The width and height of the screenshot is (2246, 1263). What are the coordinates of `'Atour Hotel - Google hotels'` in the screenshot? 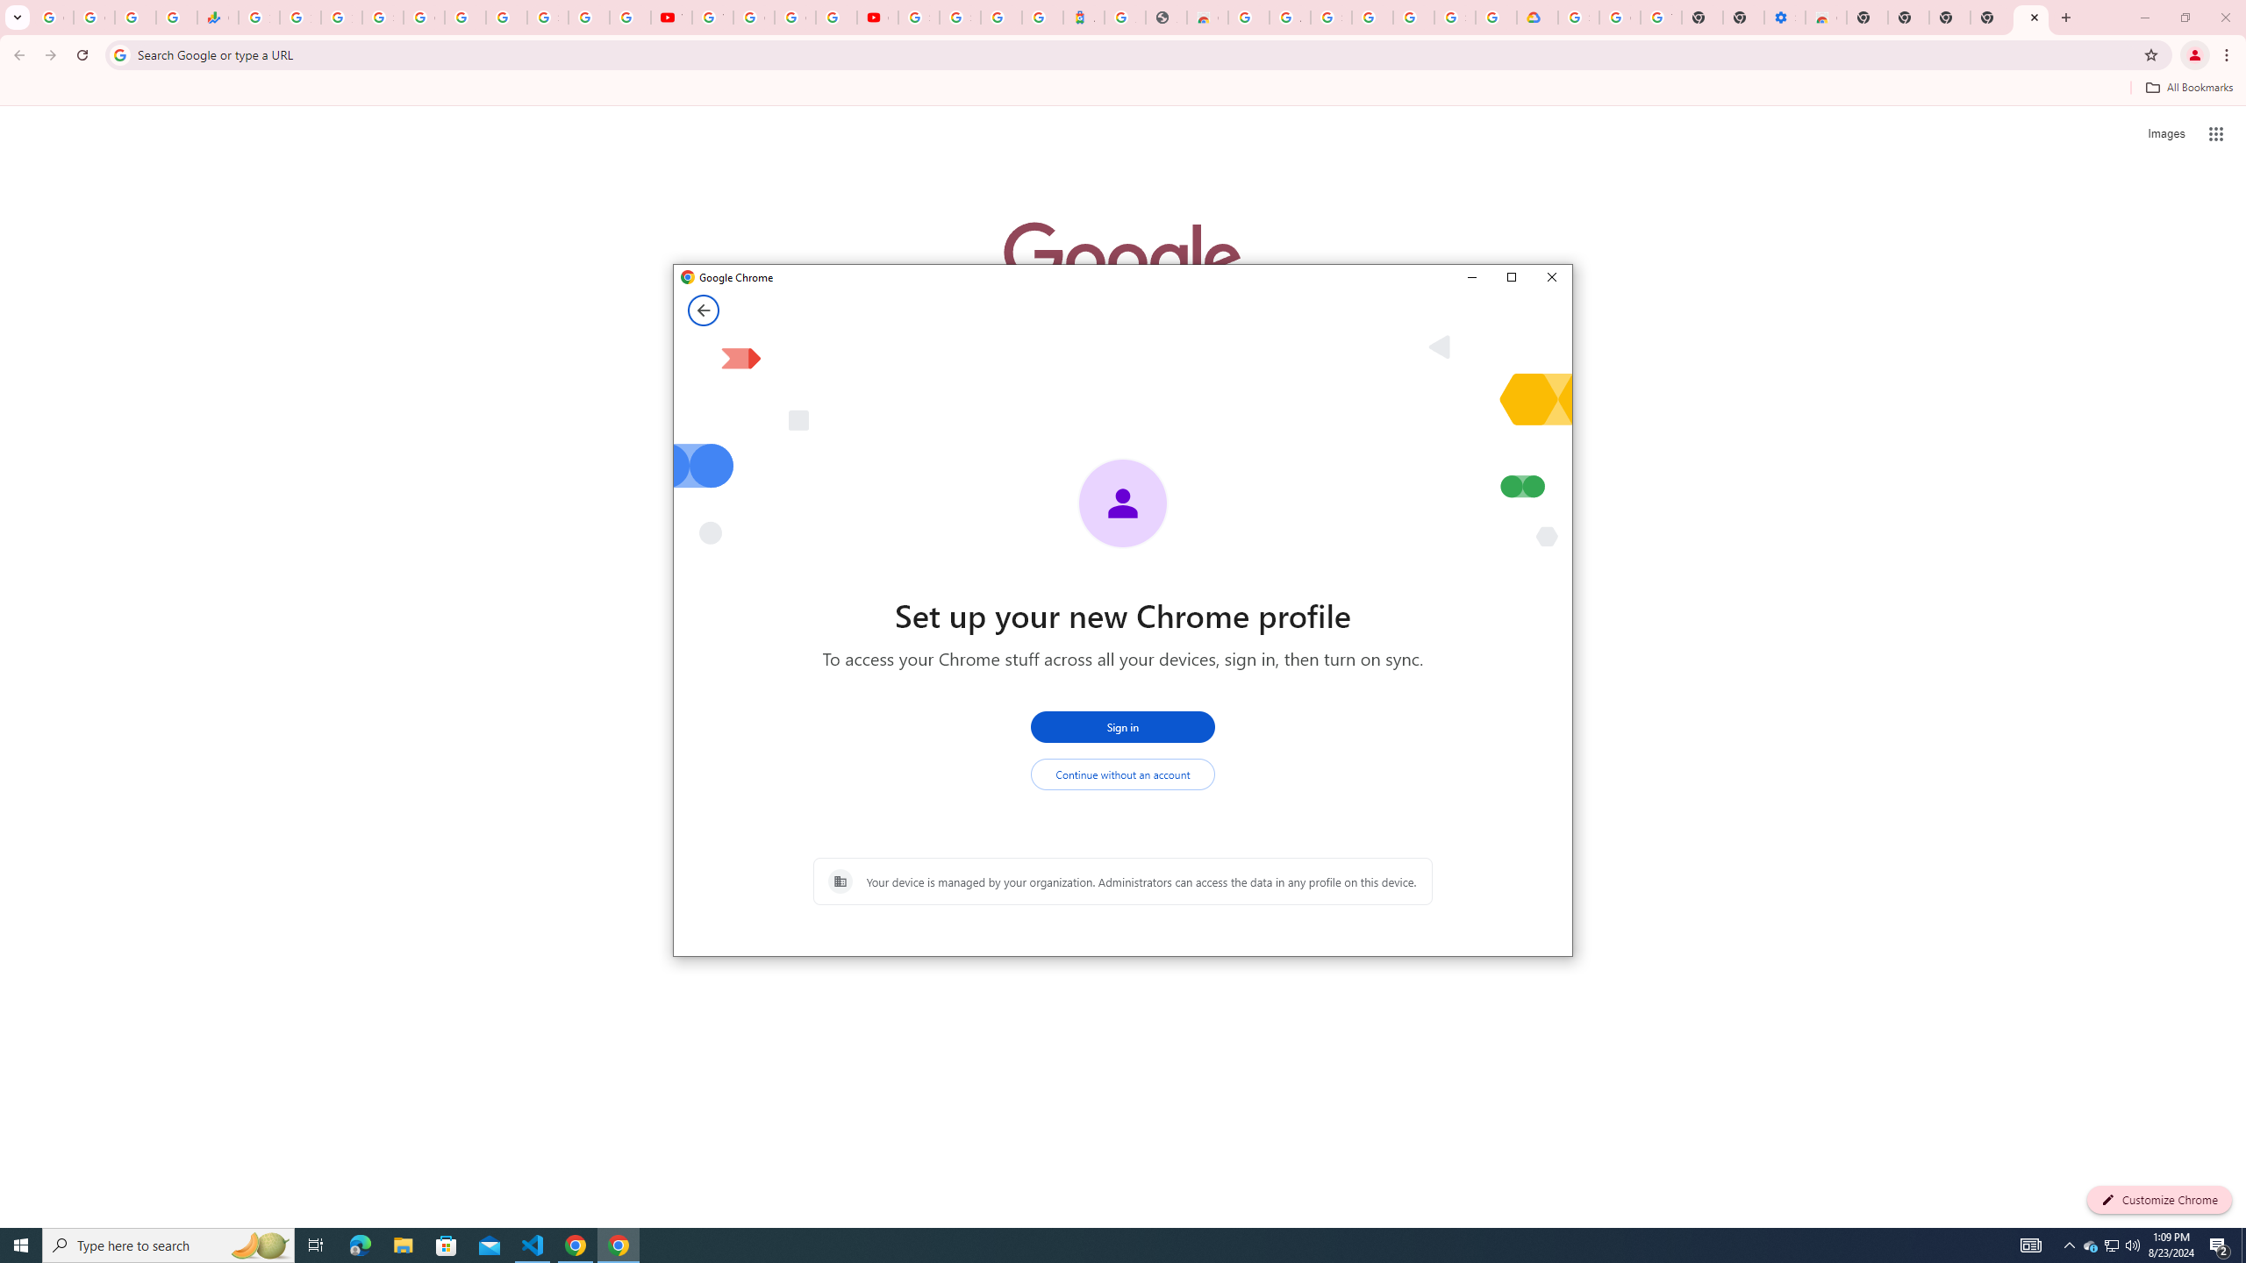 It's located at (1084, 17).